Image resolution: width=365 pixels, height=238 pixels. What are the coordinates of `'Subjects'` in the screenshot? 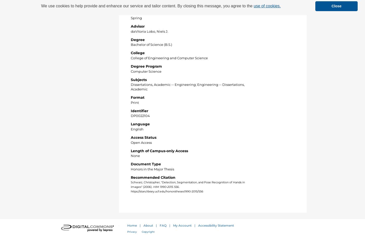 It's located at (139, 79).